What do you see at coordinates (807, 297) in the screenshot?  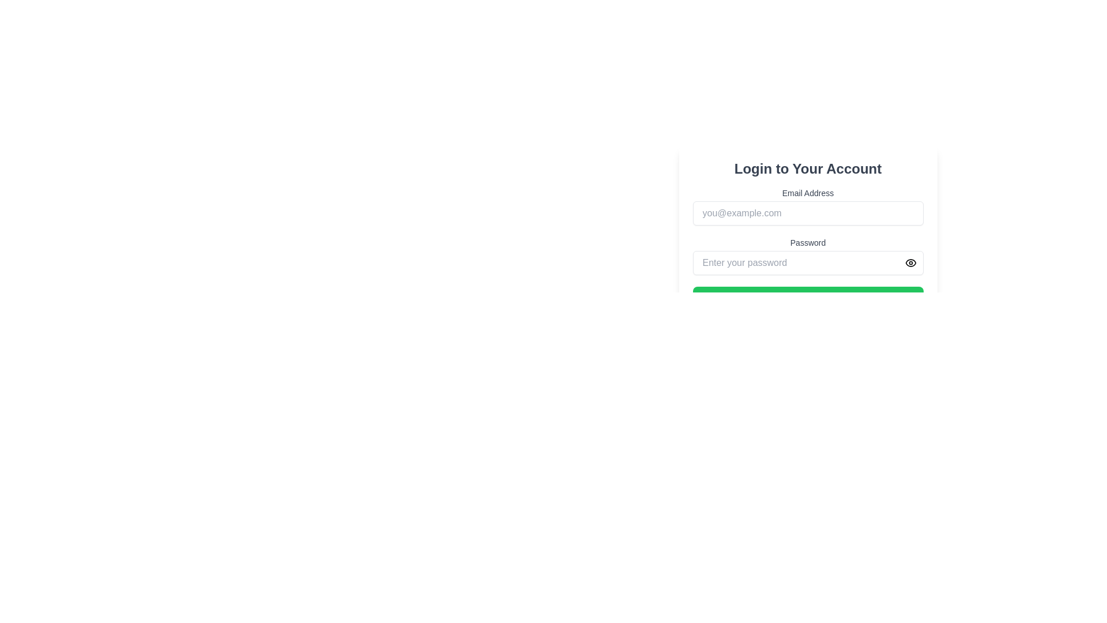 I see `the submit button located below the password input field in the 'Login to Your Account' section` at bounding box center [807, 297].